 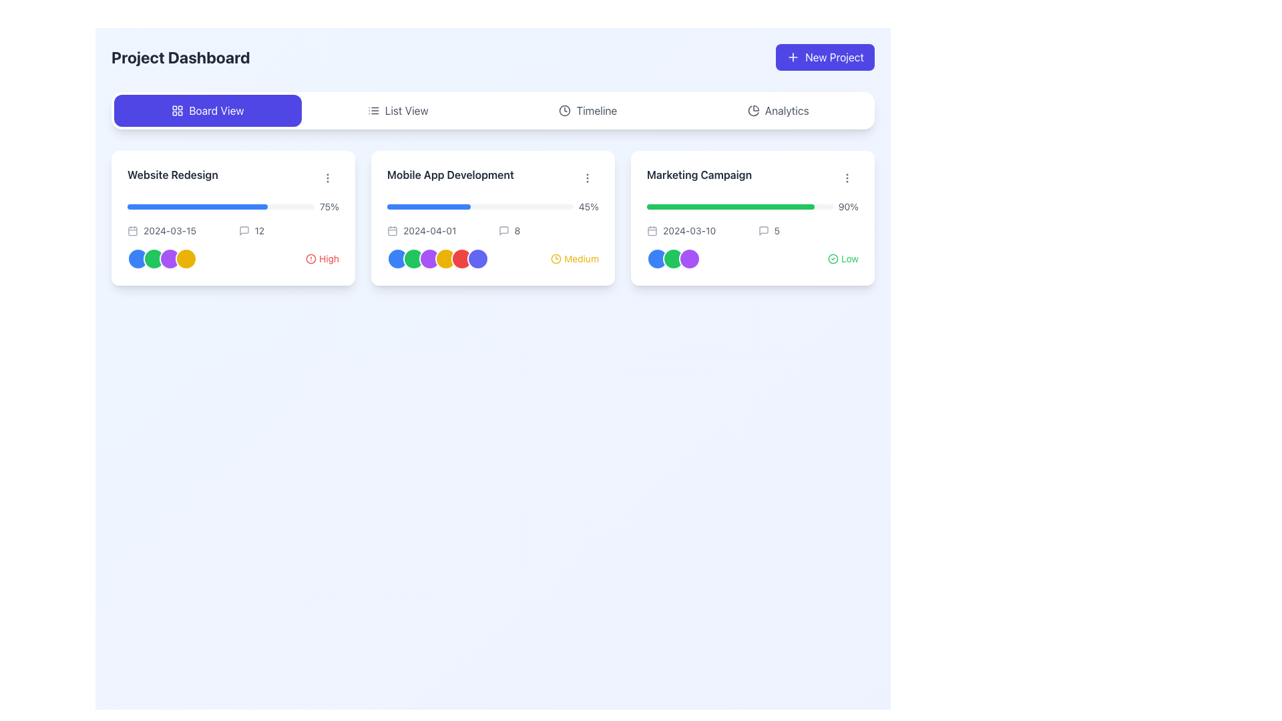 I want to click on the Progress bar indicating 75% completion of the 'Website Redesign' project located in the project card on the dashboard, so click(x=233, y=206).